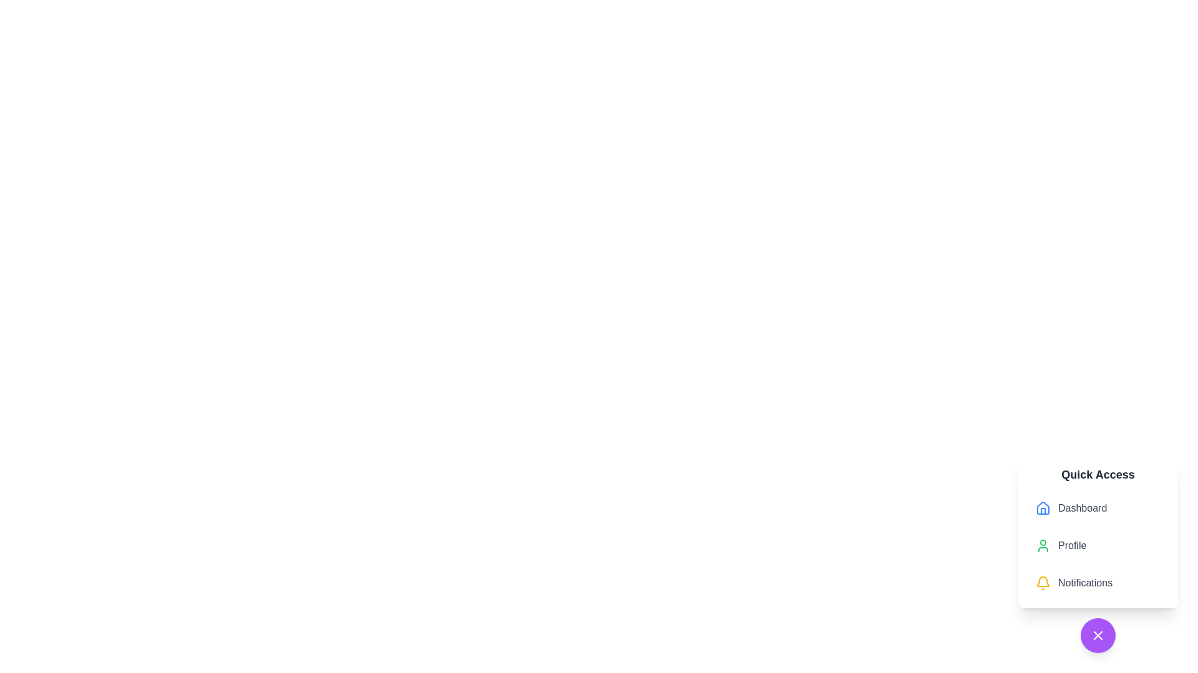  Describe the element at coordinates (1043, 508) in the screenshot. I see `the blue house icon representing the 'Dashboard' menu option located in the 'Quick Access' menu by clicking on it` at that location.